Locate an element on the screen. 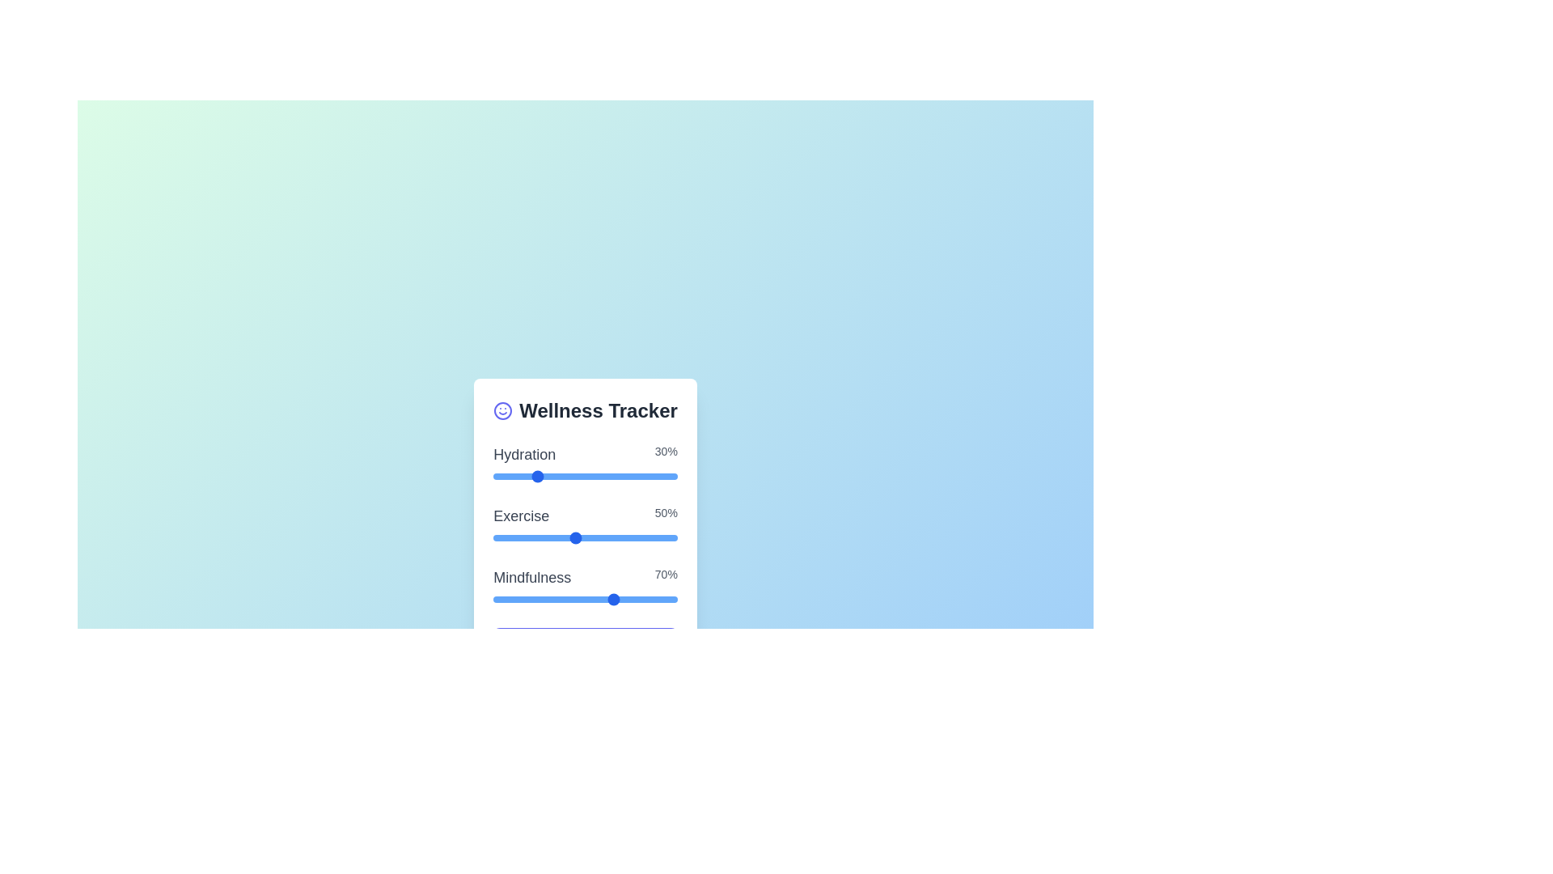 The image size is (1553, 874). the 'Mindfulness' slider to set its value to 7 is located at coordinates (615, 599).